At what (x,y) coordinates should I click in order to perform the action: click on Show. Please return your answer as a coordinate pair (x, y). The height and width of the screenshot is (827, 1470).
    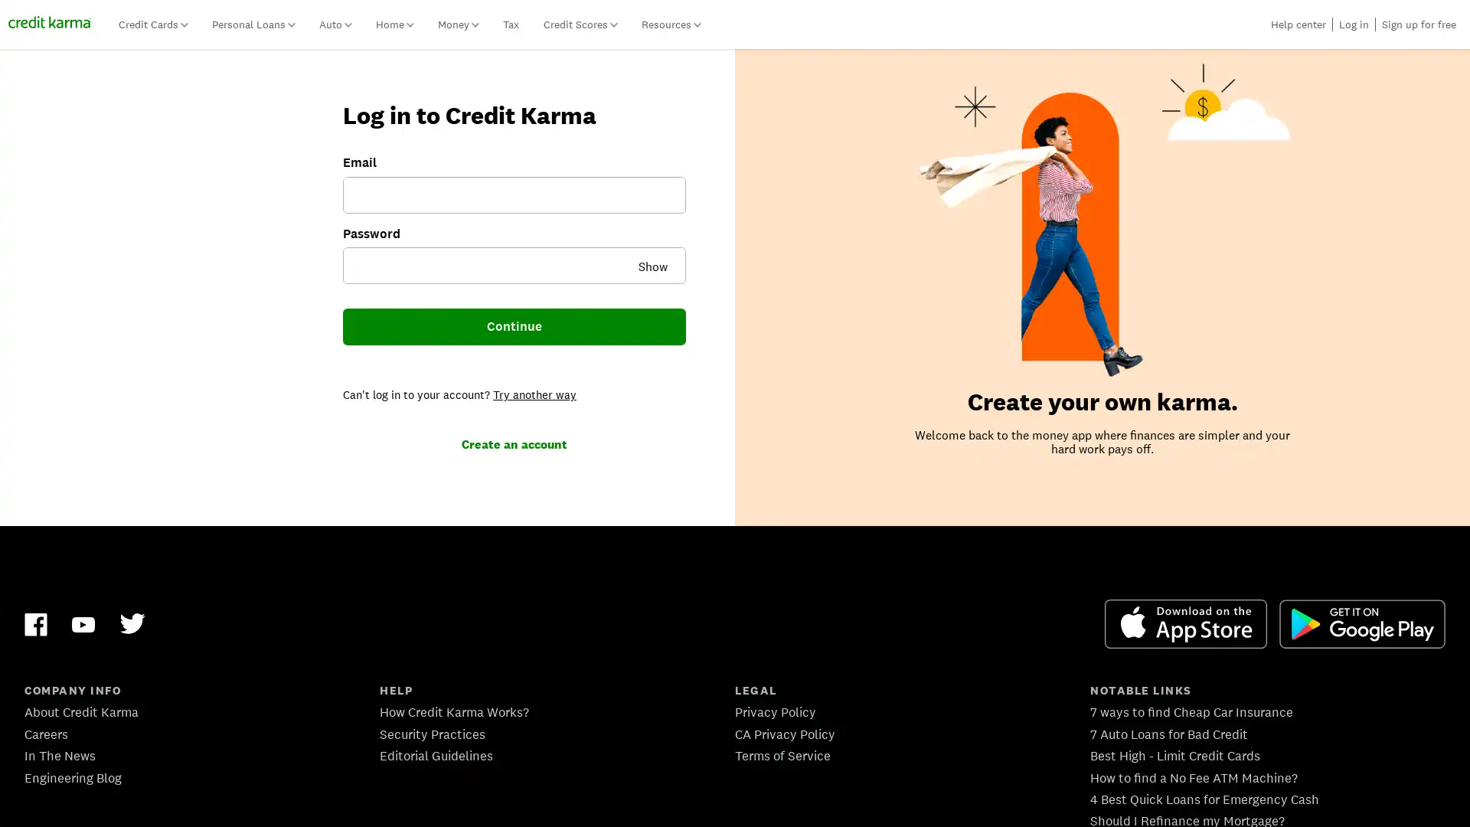
    Looking at the image, I should click on (653, 266).